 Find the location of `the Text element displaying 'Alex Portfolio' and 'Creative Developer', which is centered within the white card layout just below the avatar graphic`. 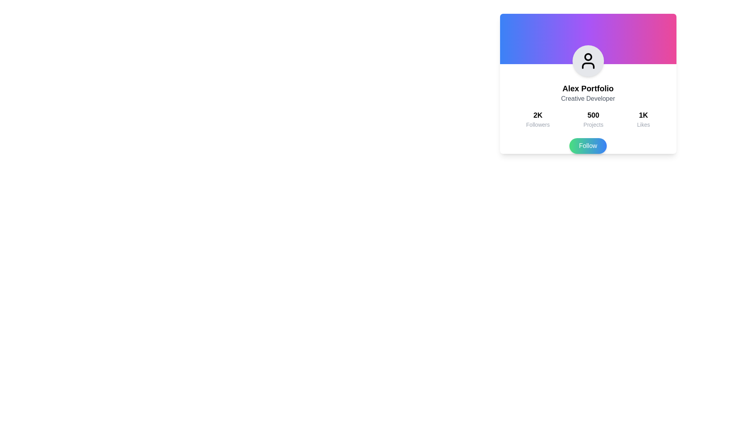

the Text element displaying 'Alex Portfolio' and 'Creative Developer', which is centered within the white card layout just below the avatar graphic is located at coordinates (588, 92).